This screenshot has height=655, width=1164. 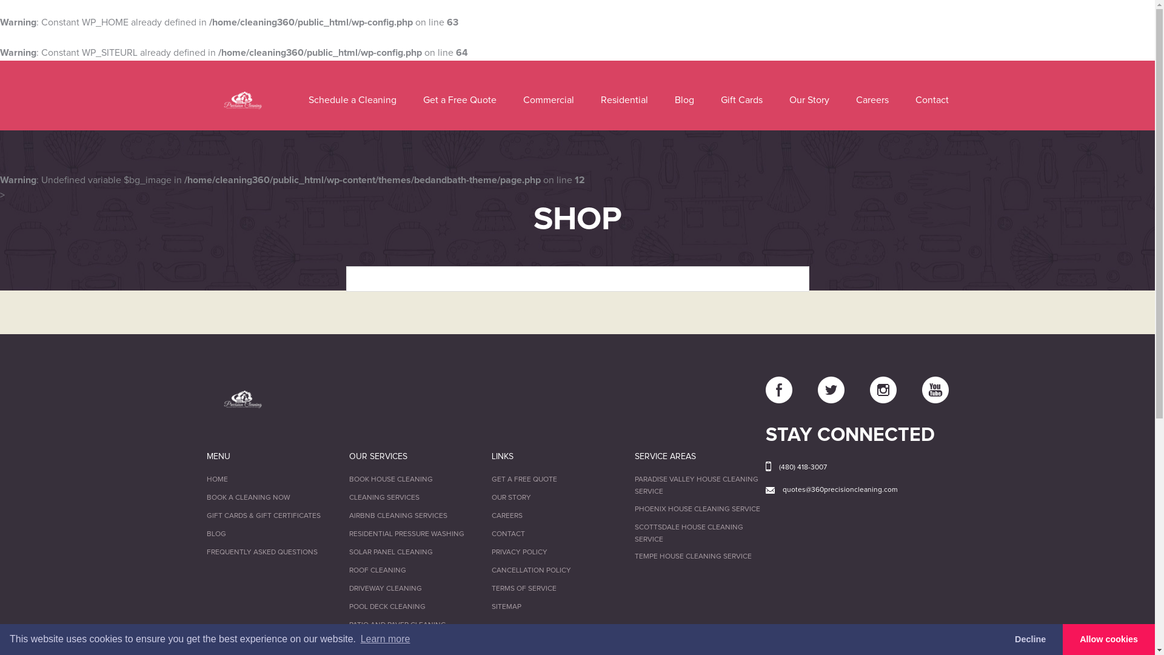 What do you see at coordinates (261, 552) in the screenshot?
I see `'FREQUENTLY ASKED QUESTIONS'` at bounding box center [261, 552].